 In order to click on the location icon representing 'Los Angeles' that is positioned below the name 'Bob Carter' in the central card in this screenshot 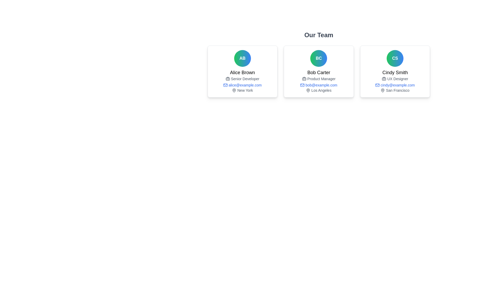, I will do `click(308, 90)`.